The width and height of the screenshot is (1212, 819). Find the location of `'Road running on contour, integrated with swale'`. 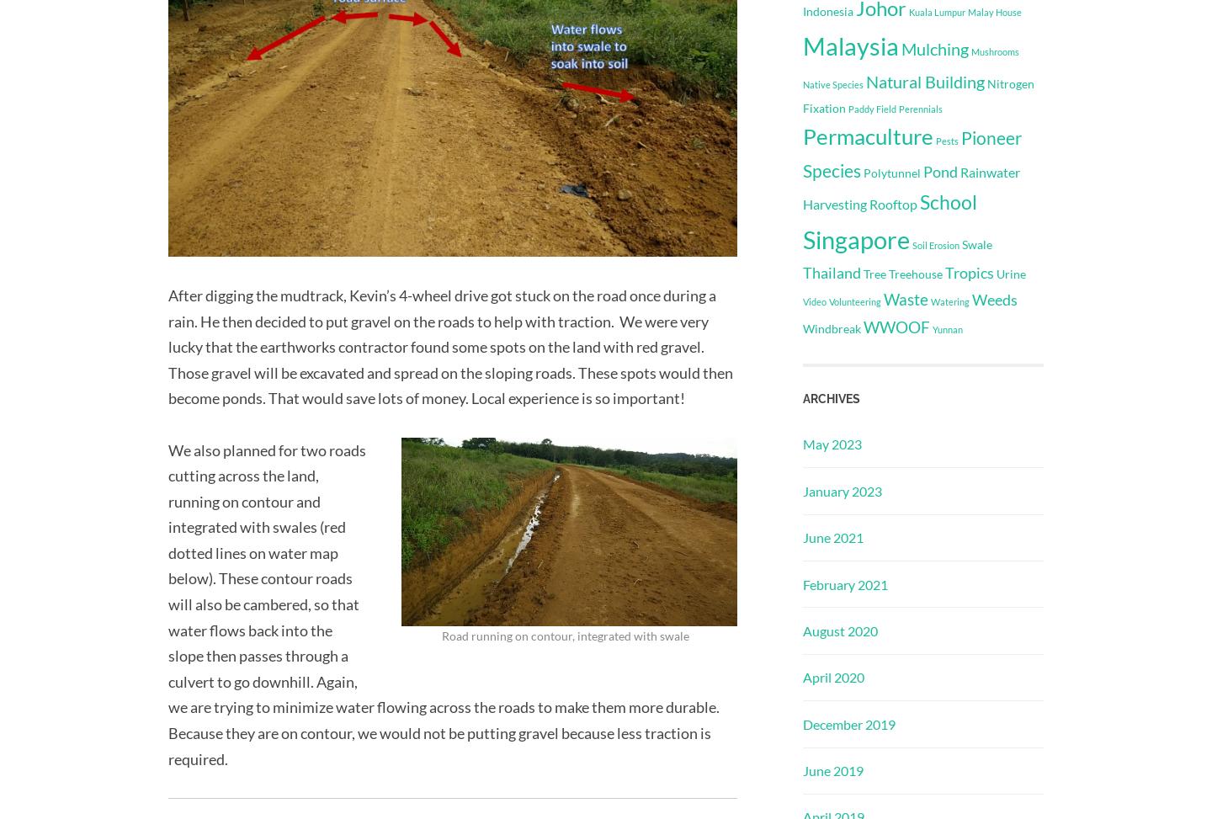

'Road running on contour, integrated with swale' is located at coordinates (565, 635).